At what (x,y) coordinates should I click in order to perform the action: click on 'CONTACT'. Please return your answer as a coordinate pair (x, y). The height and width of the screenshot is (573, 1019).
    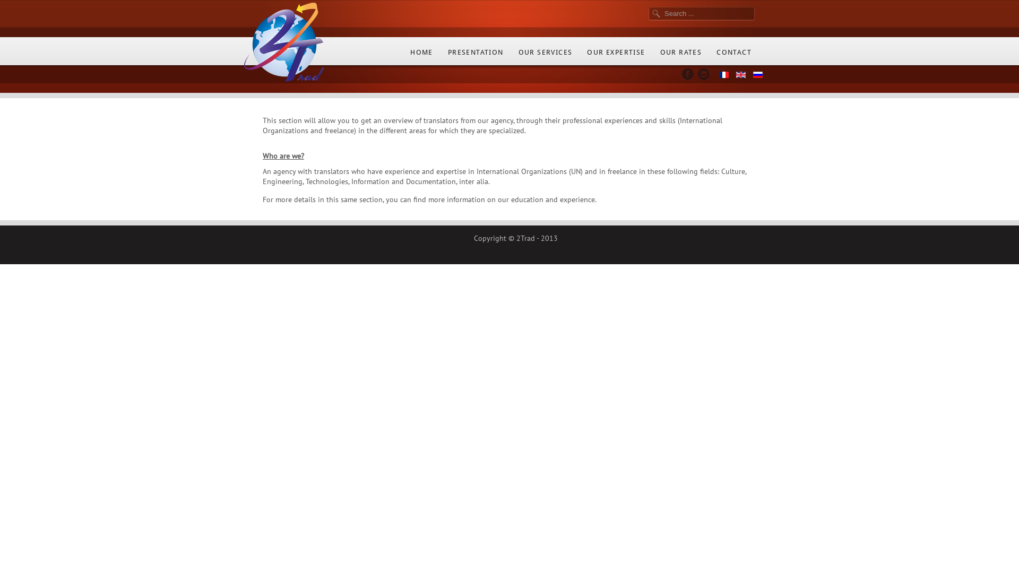
    Looking at the image, I should click on (733, 55).